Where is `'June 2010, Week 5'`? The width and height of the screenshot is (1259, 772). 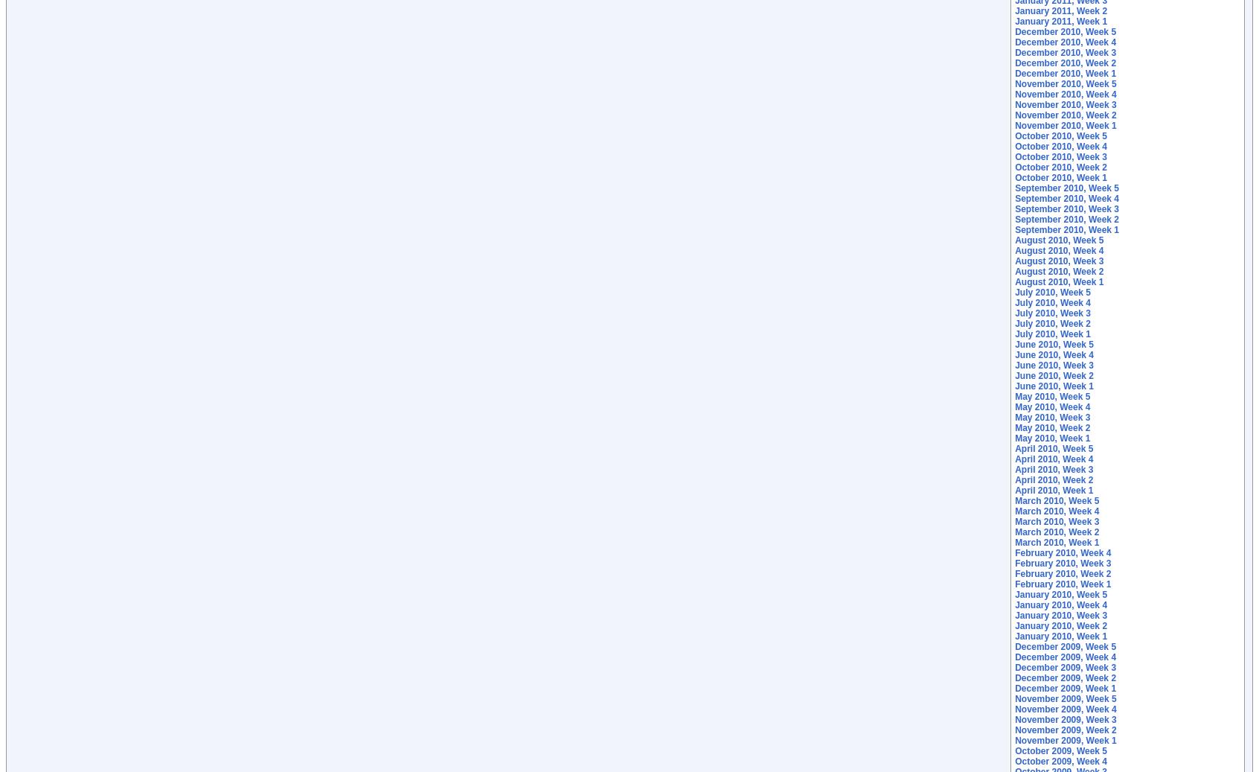
'June 2010, Week 5' is located at coordinates (1054, 344).